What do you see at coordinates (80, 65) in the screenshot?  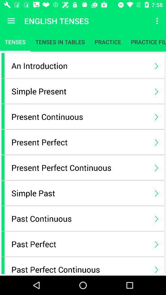 I see `an introduction` at bounding box center [80, 65].